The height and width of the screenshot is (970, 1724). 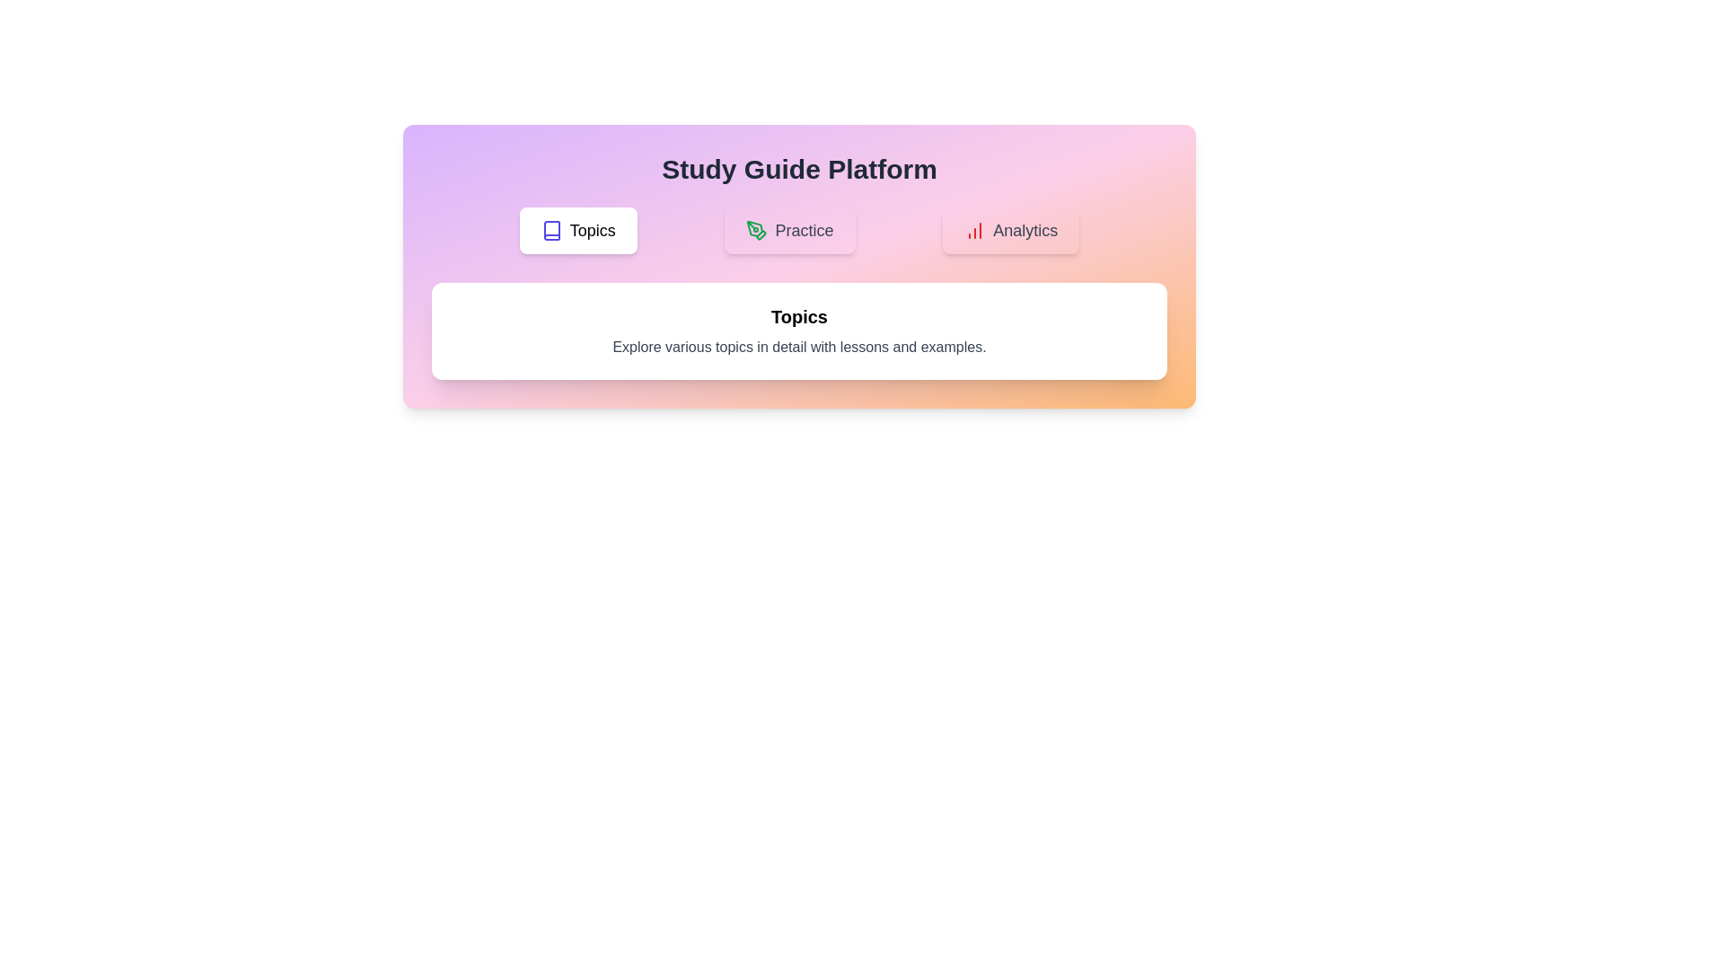 What do you see at coordinates (1011, 230) in the screenshot?
I see `the Analytics button to observe its hover effect` at bounding box center [1011, 230].